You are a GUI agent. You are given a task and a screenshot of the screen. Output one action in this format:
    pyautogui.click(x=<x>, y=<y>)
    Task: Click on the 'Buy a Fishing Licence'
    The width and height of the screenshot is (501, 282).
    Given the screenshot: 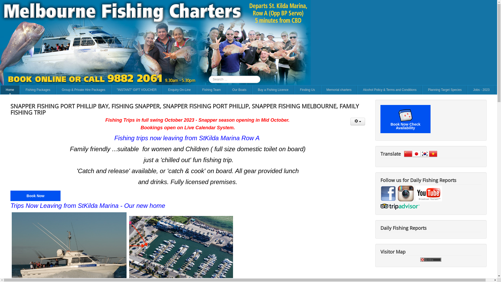 What is the action you would take?
    pyautogui.click(x=273, y=89)
    